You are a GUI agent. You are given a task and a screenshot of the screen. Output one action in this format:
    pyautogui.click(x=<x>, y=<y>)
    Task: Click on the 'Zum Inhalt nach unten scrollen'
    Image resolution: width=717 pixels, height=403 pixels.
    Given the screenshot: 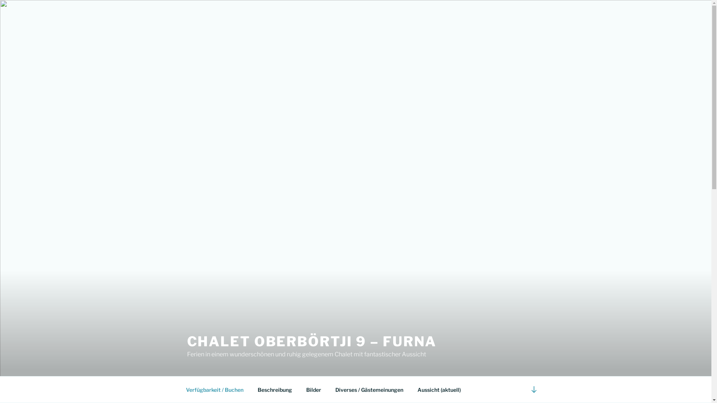 What is the action you would take?
    pyautogui.click(x=525, y=389)
    